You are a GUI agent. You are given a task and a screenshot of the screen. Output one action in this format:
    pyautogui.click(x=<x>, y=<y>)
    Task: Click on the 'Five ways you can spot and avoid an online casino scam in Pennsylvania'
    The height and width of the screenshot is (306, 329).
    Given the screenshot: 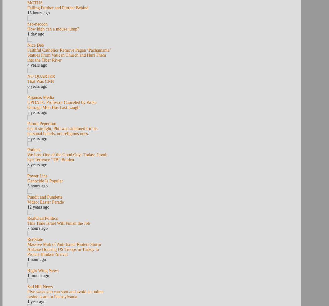 What is the action you would take?
    pyautogui.click(x=65, y=294)
    